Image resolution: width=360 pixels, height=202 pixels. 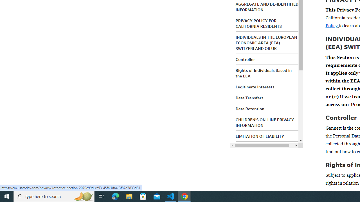 I want to click on 'LIMITATION OF LIABILITY', so click(x=260, y=136).